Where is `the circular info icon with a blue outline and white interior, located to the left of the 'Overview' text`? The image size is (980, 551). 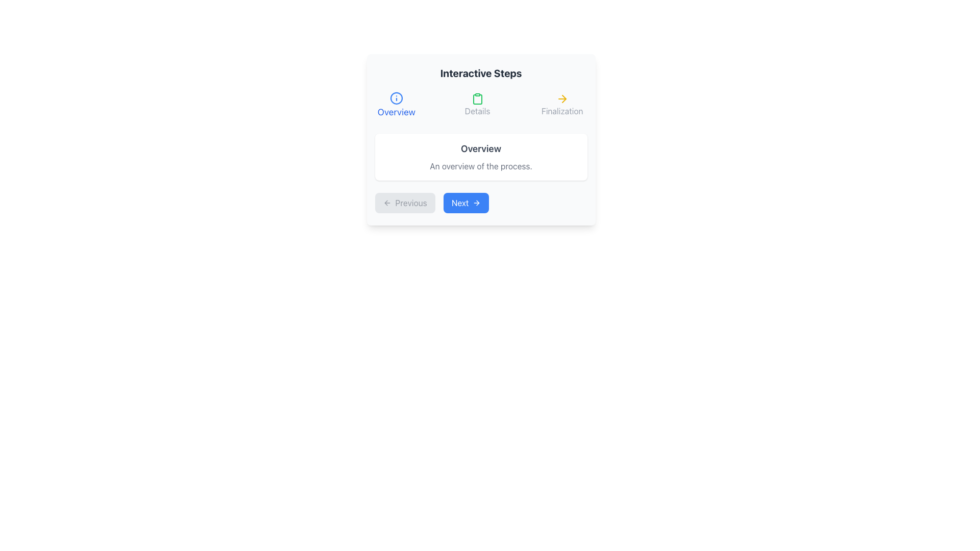 the circular info icon with a blue outline and white interior, located to the left of the 'Overview' text is located at coordinates (396, 98).